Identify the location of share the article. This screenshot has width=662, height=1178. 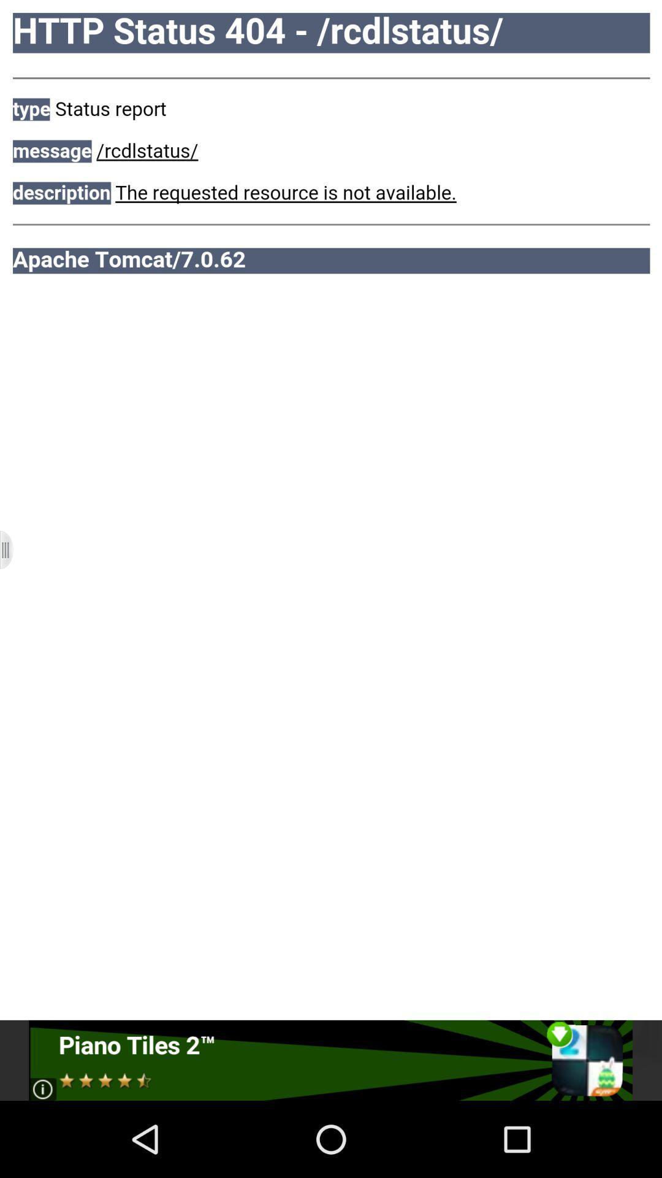
(330, 1060).